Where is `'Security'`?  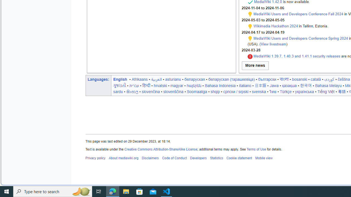 'Security' is located at coordinates (250, 56).